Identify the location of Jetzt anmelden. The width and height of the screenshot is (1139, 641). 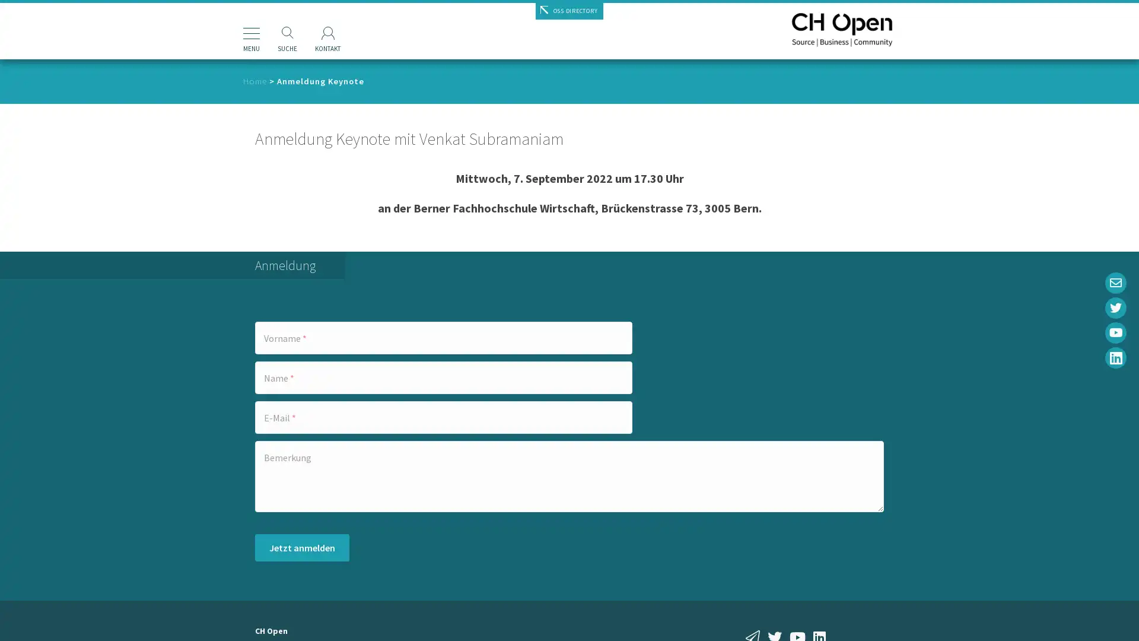
(302, 547).